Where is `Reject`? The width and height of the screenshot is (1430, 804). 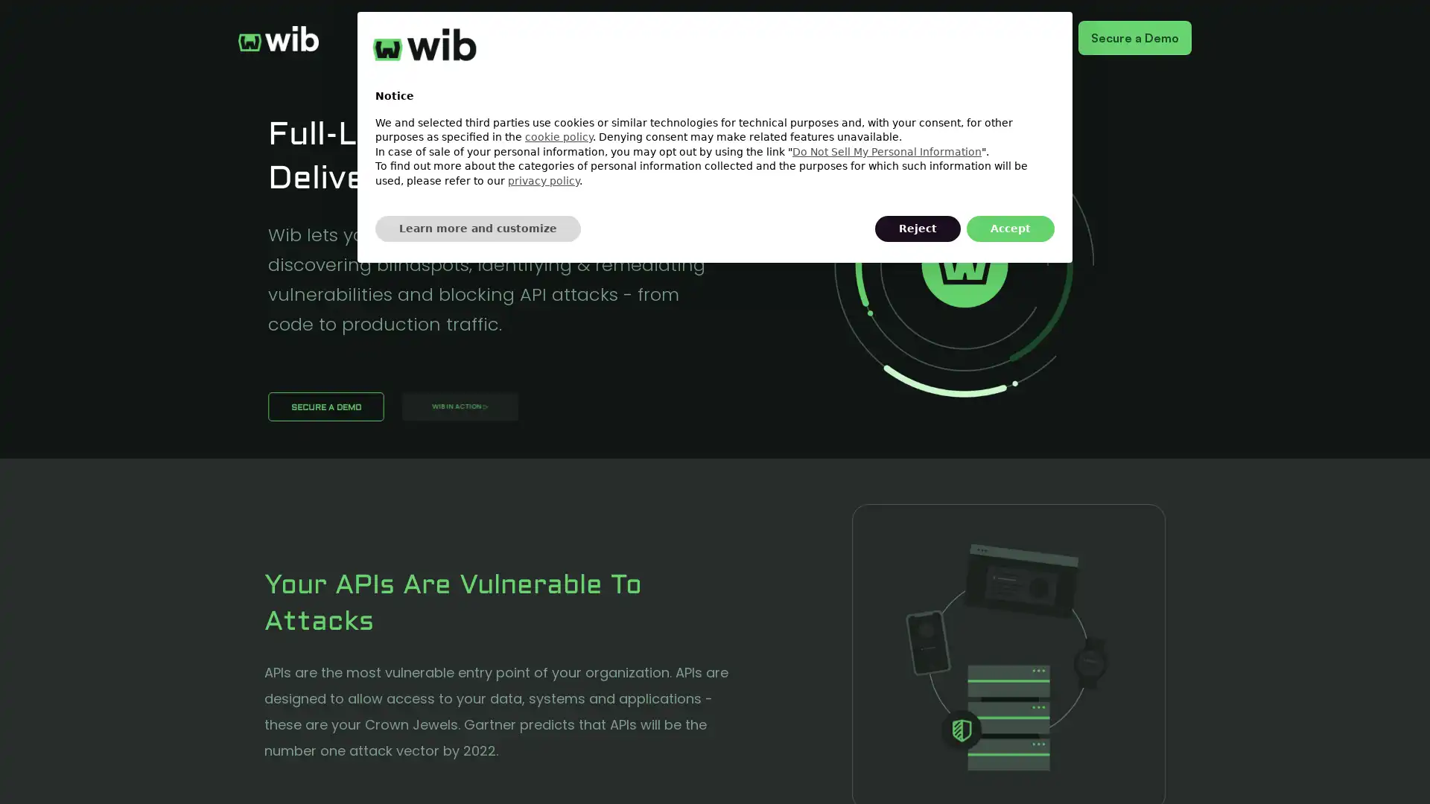 Reject is located at coordinates (917, 229).